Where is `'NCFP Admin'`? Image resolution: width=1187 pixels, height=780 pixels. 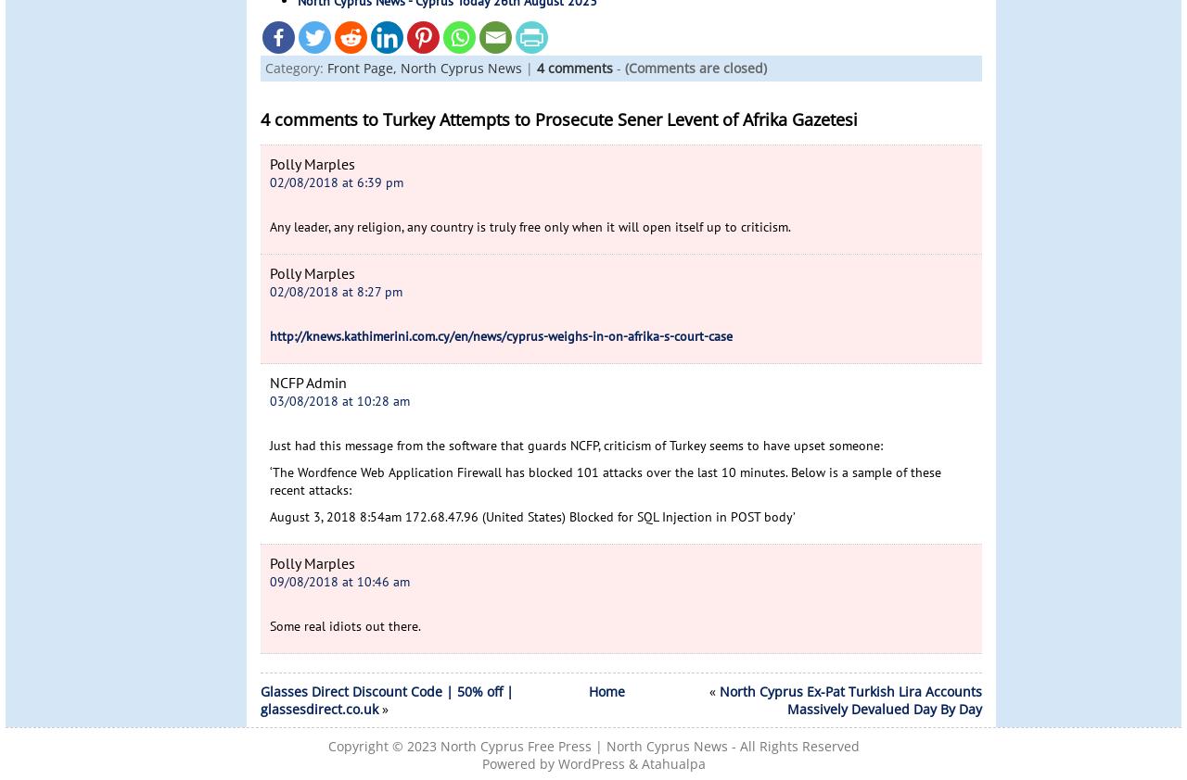
'NCFP Admin' is located at coordinates (308, 383).